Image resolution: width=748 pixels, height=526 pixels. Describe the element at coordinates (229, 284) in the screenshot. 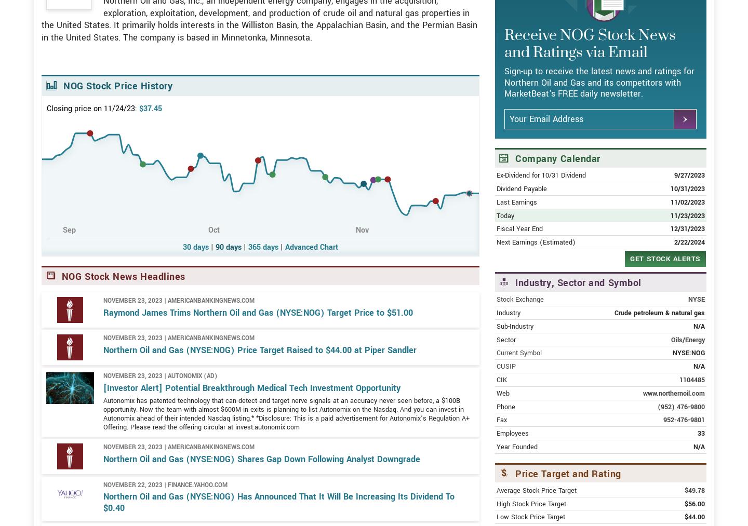

I see `'90 days'` at that location.